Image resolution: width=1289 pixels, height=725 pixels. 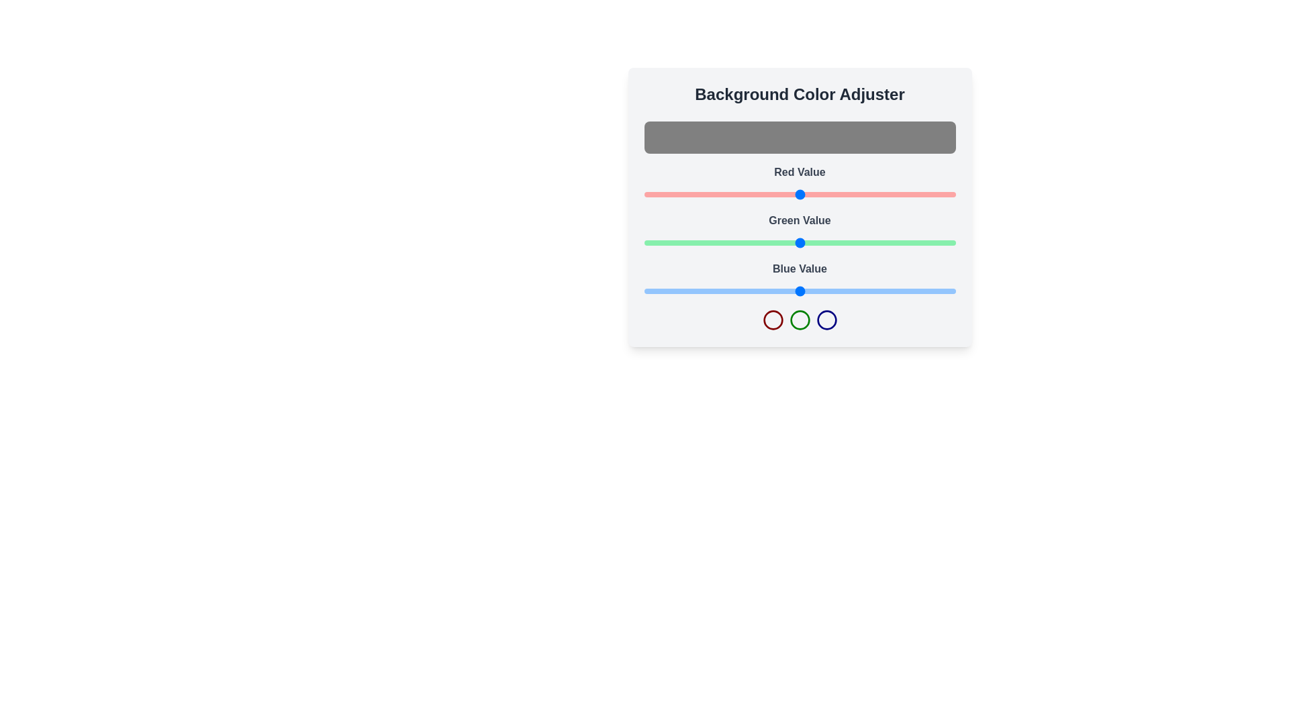 What do you see at coordinates (810, 243) in the screenshot?
I see `the green slider to set the green color value to 137` at bounding box center [810, 243].